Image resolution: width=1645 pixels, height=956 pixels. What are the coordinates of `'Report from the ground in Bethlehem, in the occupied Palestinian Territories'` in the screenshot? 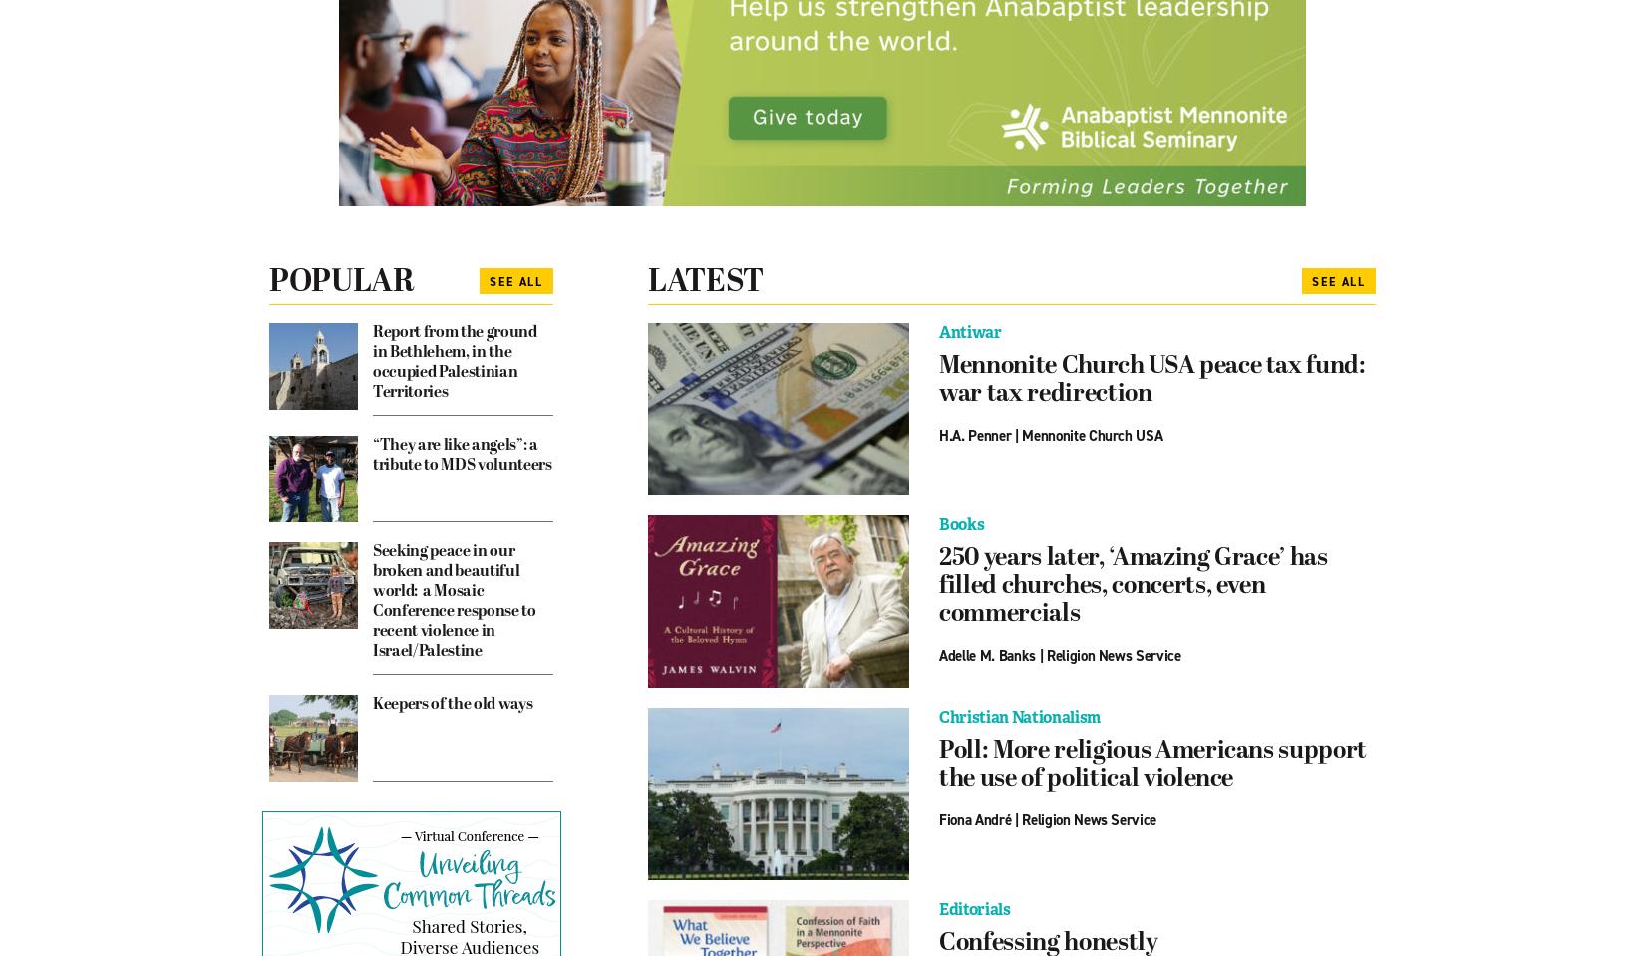 It's located at (454, 361).